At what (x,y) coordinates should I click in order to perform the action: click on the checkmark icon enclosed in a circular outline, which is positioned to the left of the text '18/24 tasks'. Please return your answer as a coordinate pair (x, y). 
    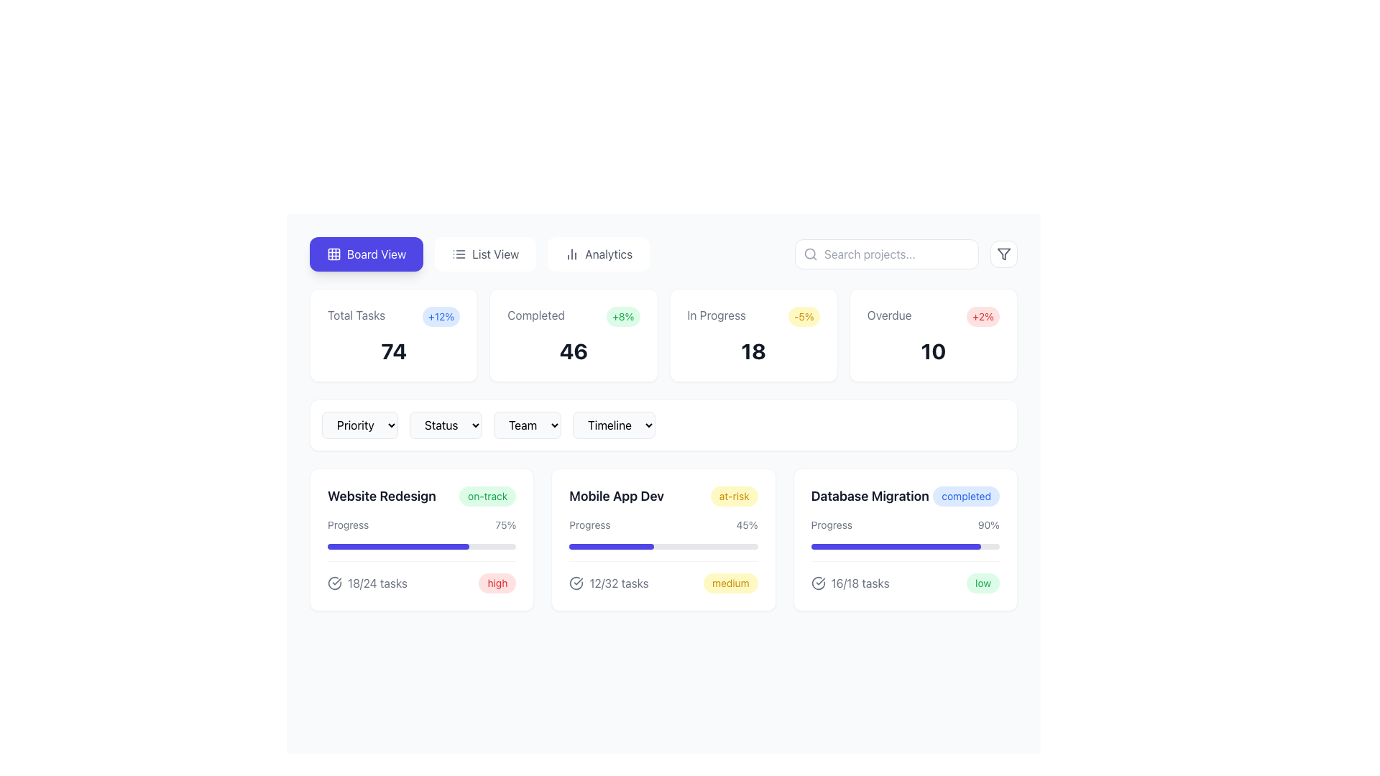
    Looking at the image, I should click on (333, 583).